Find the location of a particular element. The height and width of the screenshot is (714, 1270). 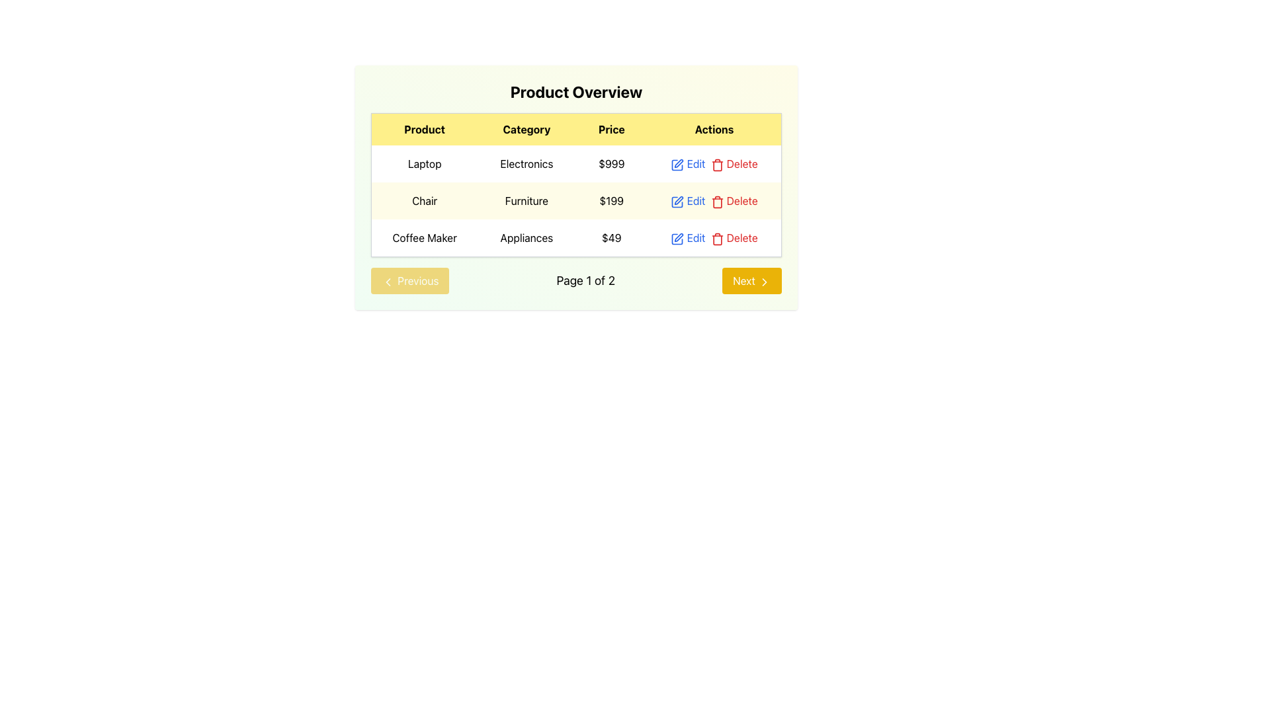

the 'Delete' button in the 'Product Overview' table for the product 'Chair' to trigger the hover effect is located at coordinates (714, 201).